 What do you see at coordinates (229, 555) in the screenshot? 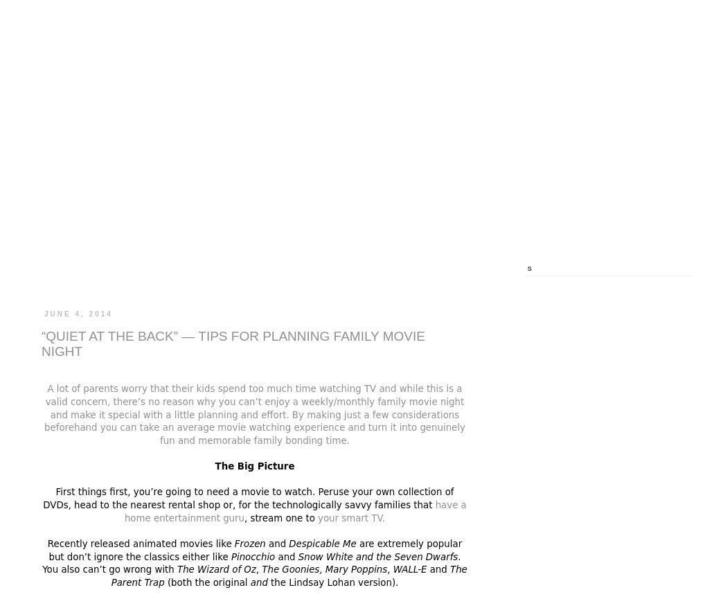
I see `'Pinocchio'` at bounding box center [229, 555].